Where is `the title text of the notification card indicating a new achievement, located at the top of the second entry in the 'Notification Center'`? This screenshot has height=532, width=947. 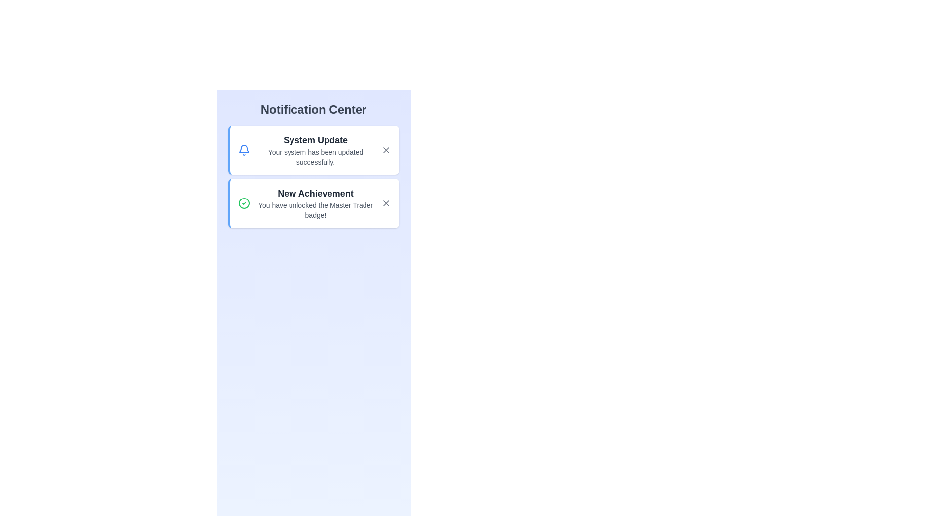 the title text of the notification card indicating a new achievement, located at the top of the second entry in the 'Notification Center' is located at coordinates (315, 194).